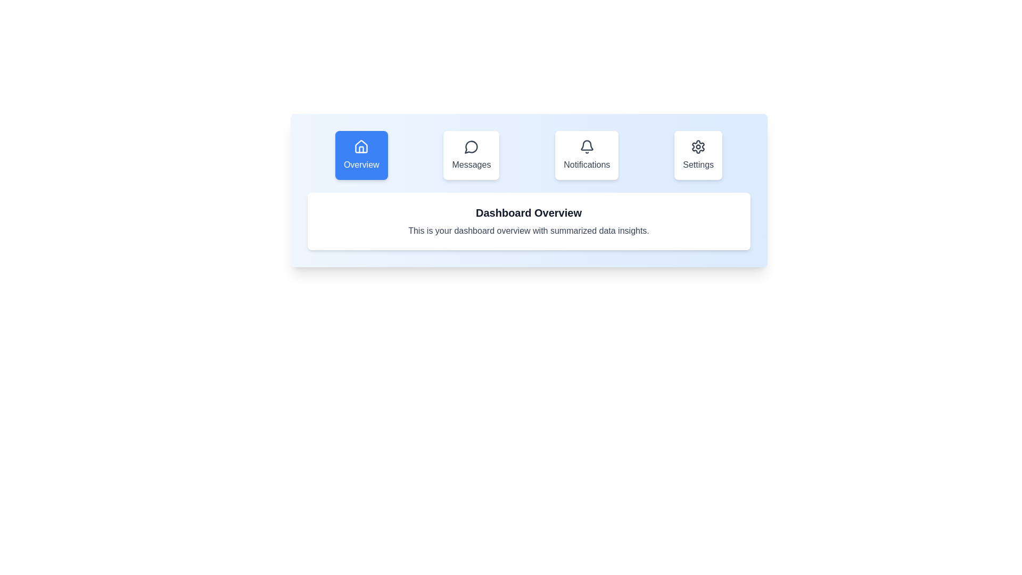  I want to click on the 'Messages' icon, which is centered above the label 'Messages' within a rectangular button located in the second slot from the left of a horizontally aligned group of buttons, so click(471, 147).